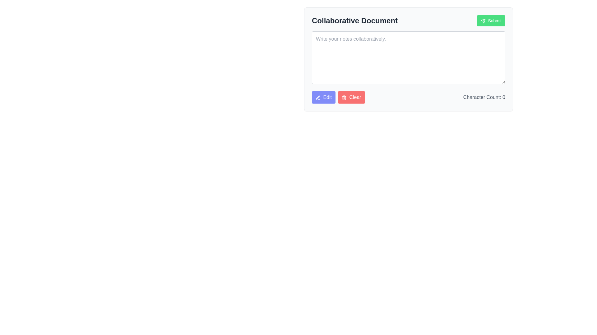 This screenshot has height=335, width=597. Describe the element at coordinates (409, 97) in the screenshot. I see `the multi-functional UI component containing the 'Edit' and 'Clear' buttons` at that location.